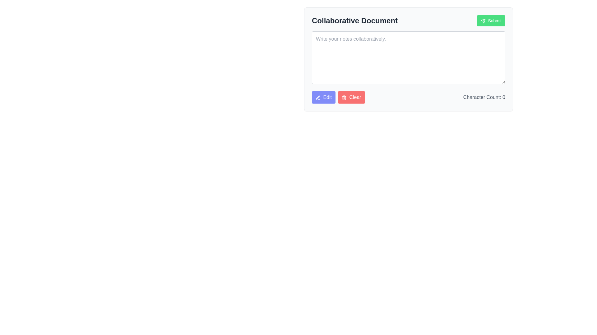 This screenshot has height=335, width=597. Describe the element at coordinates (409, 97) in the screenshot. I see `the multi-functional UI component containing the 'Edit' and 'Clear' buttons` at that location.